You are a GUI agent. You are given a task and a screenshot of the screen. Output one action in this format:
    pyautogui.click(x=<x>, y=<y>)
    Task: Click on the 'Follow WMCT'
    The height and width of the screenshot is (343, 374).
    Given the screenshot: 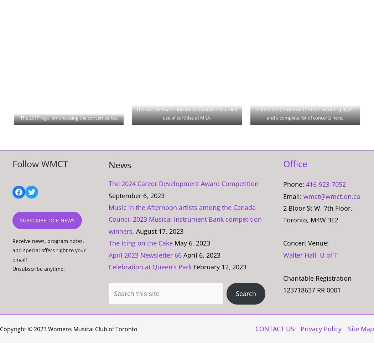 What is the action you would take?
    pyautogui.click(x=40, y=164)
    